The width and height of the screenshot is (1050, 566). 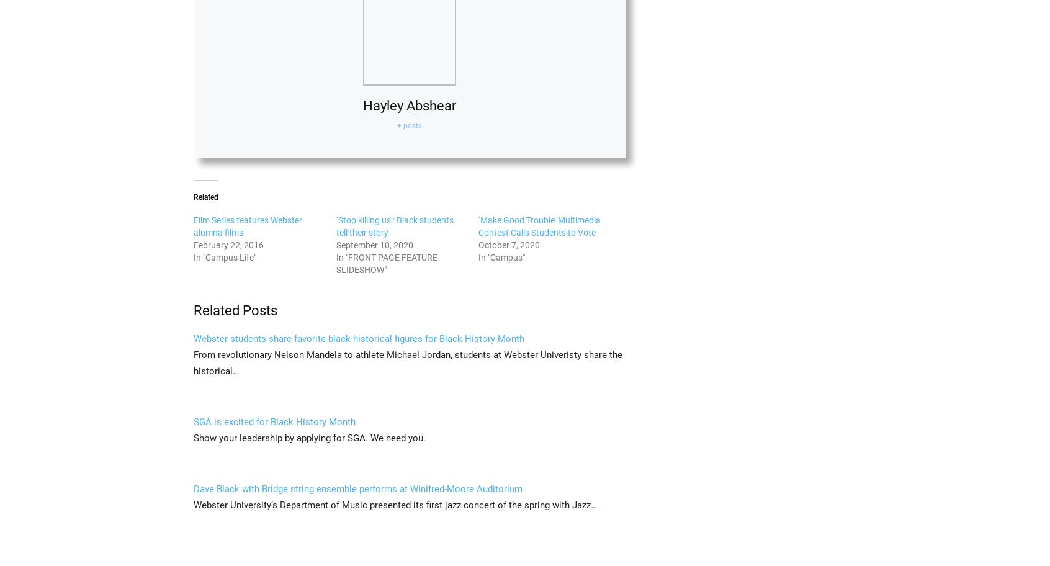 What do you see at coordinates (408, 362) in the screenshot?
I see `'From revolutionary Nelson Mandela to athlete Michael Jordan, students at Webster Univeristy share the historical…'` at bounding box center [408, 362].